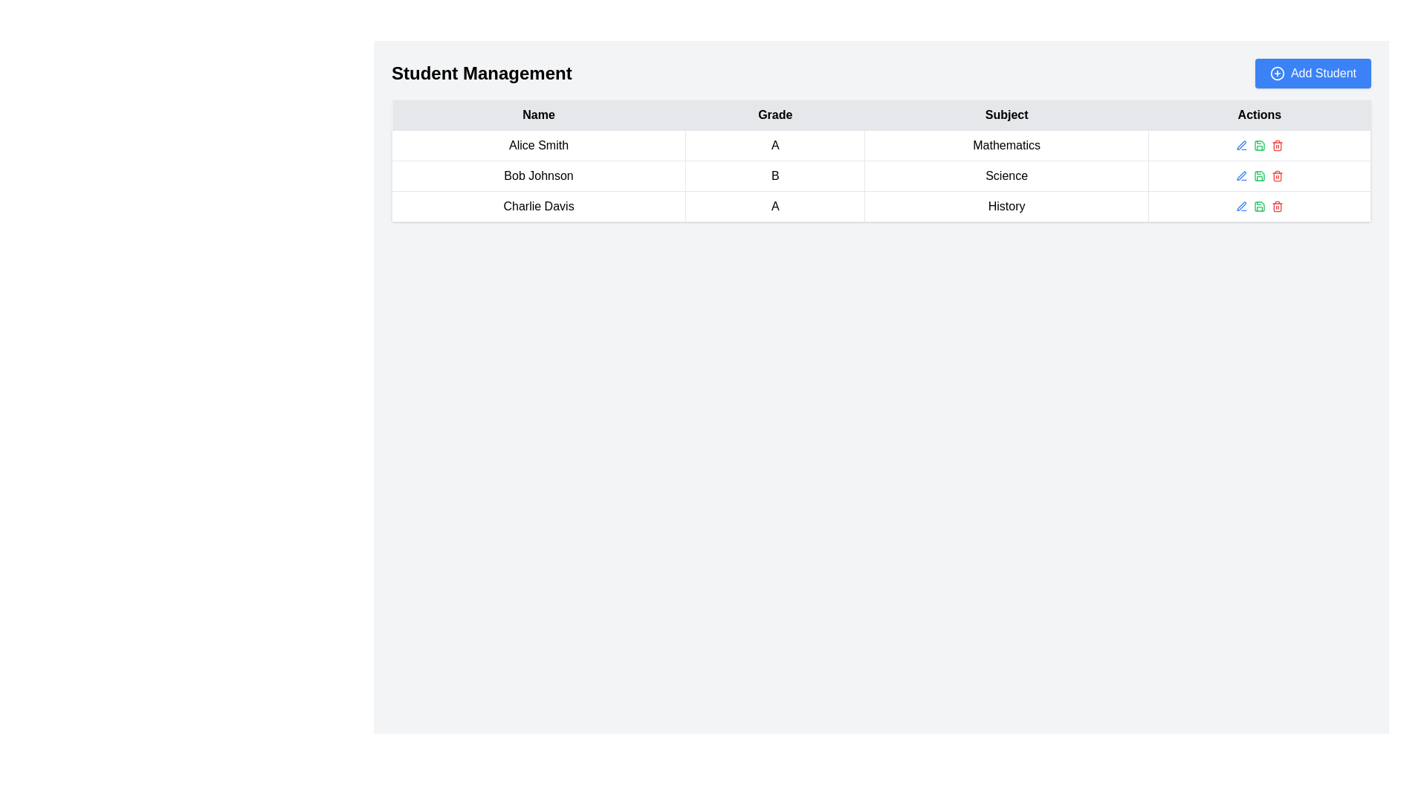 The image size is (1427, 803). Describe the element at coordinates (537, 206) in the screenshot. I see `text 'Charlie Davis' from the table cell in the third row under the 'Name' column` at that location.